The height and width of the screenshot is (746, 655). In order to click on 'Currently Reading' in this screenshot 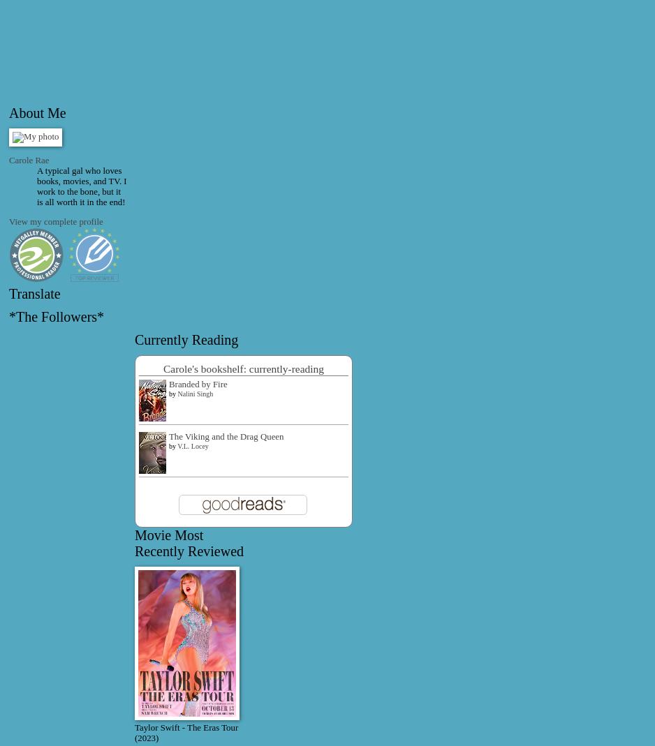, I will do `click(185, 338)`.